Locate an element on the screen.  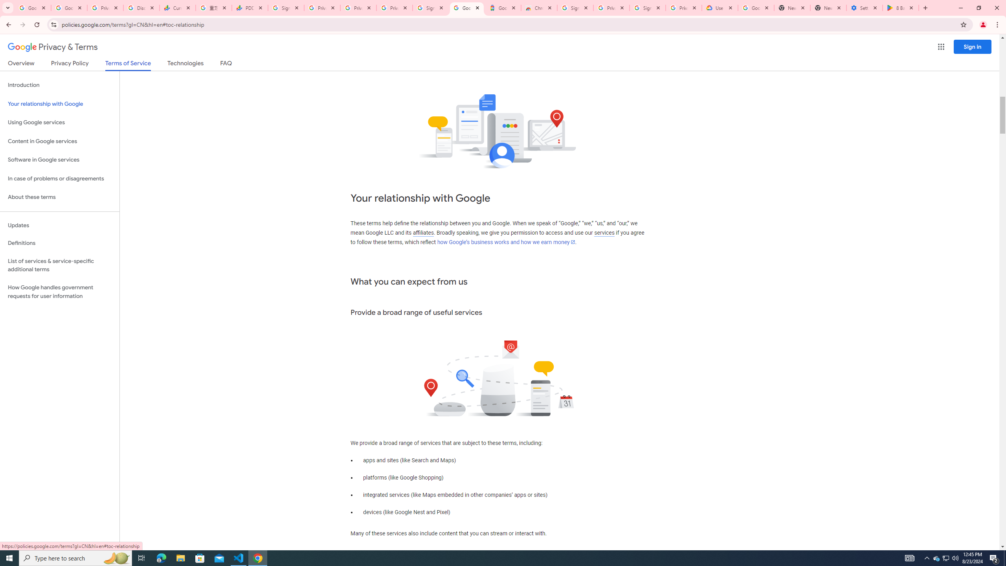
'Privacy Checkup' is located at coordinates (394, 7).